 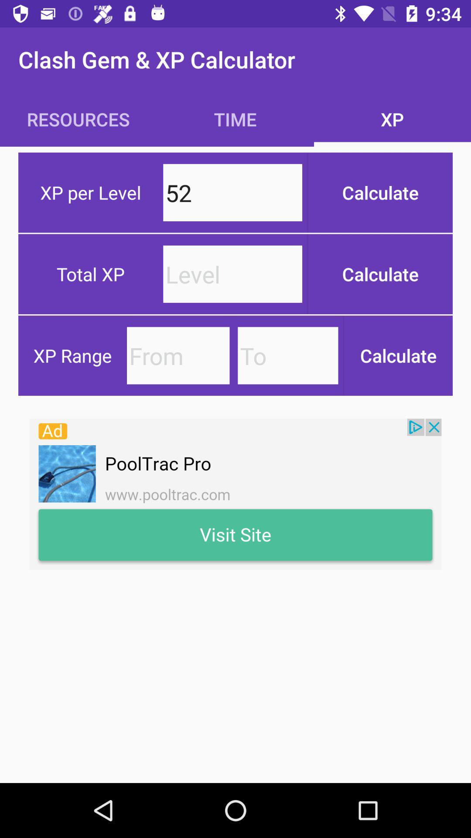 I want to click on xp range from, so click(x=177, y=355).